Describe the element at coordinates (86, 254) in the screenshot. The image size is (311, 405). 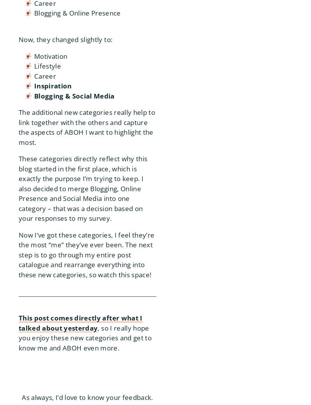
I see `'Now I’ve got these categories, I feel they’re the most “me” they’ve ever been. The next step is to go through my entire post catalogue and rearrange everything into these new categories, so watch this space!'` at that location.